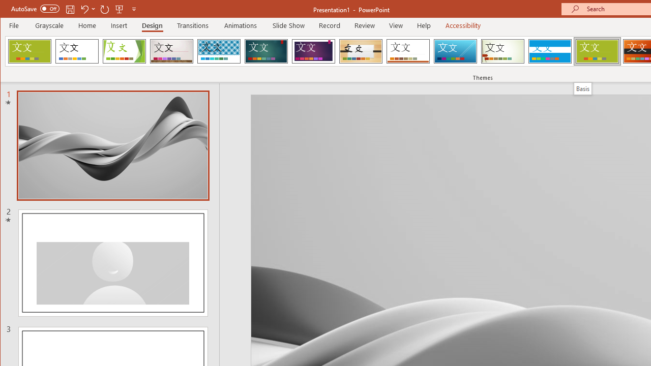 The width and height of the screenshot is (651, 366). What do you see at coordinates (455, 51) in the screenshot?
I see `'Slice'` at bounding box center [455, 51].